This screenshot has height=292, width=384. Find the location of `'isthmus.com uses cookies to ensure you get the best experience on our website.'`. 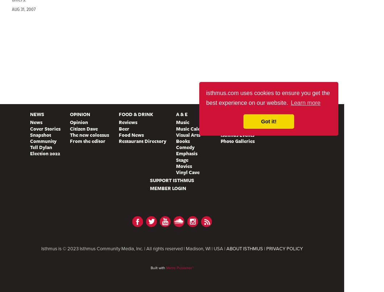

'isthmus.com uses cookies to ensure you get the best experience on our website.' is located at coordinates (206, 98).